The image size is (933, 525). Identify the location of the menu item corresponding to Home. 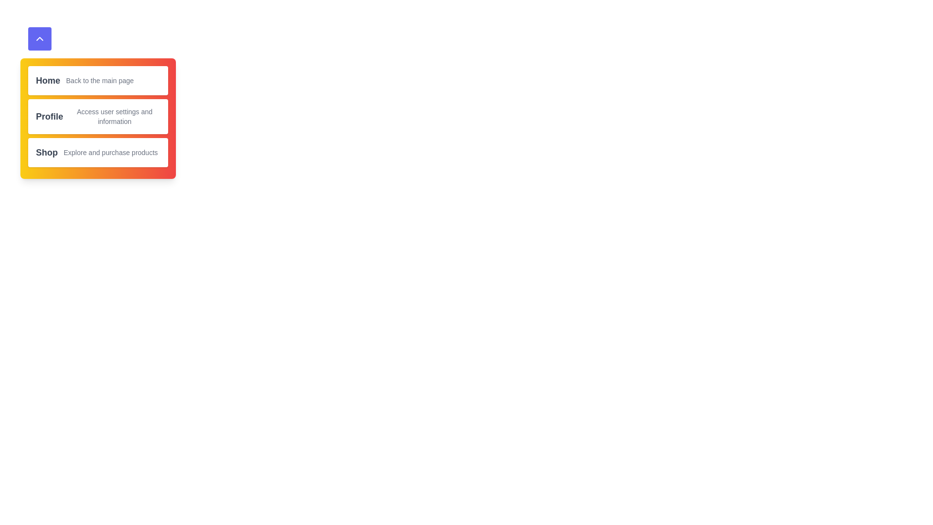
(98, 80).